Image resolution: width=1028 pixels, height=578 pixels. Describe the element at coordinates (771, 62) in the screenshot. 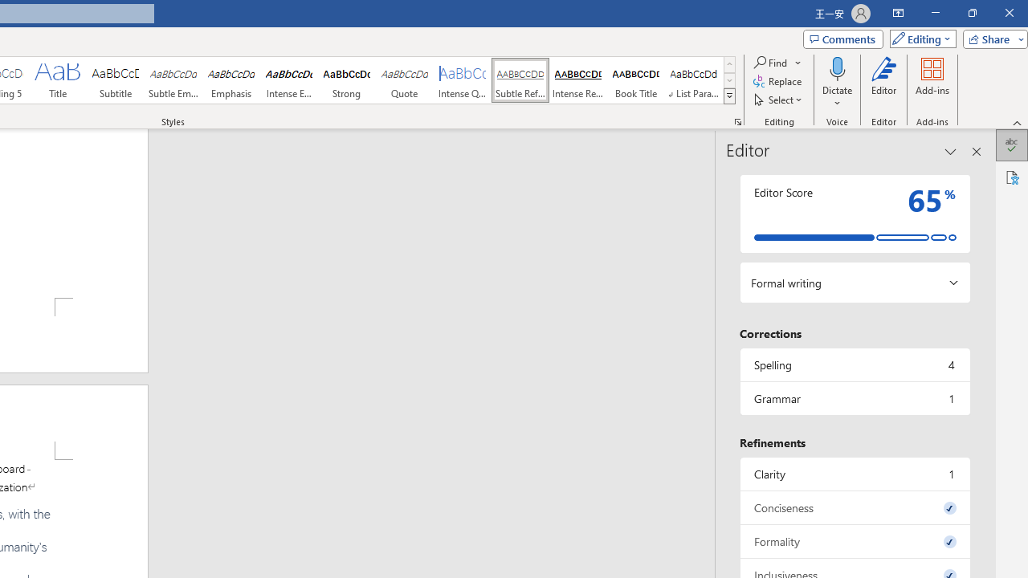

I see `'Find'` at that location.